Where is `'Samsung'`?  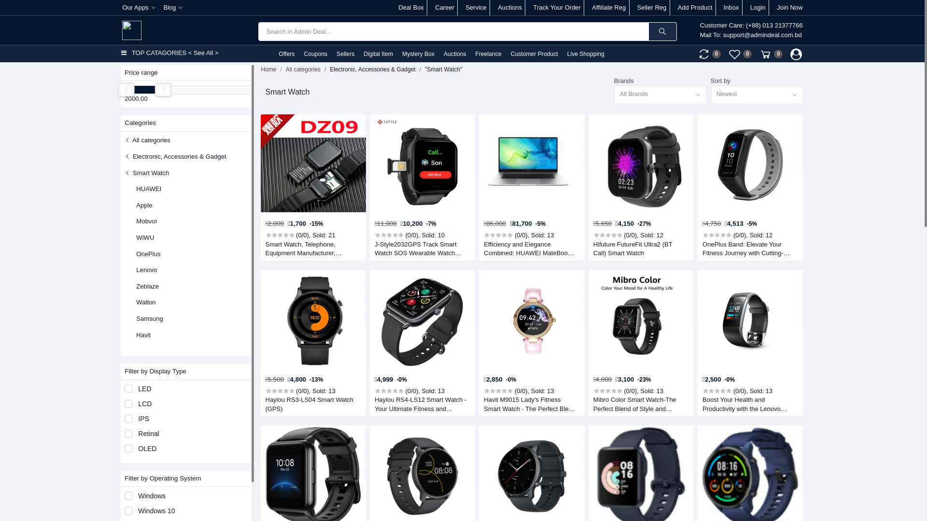
'Samsung' is located at coordinates (149, 318).